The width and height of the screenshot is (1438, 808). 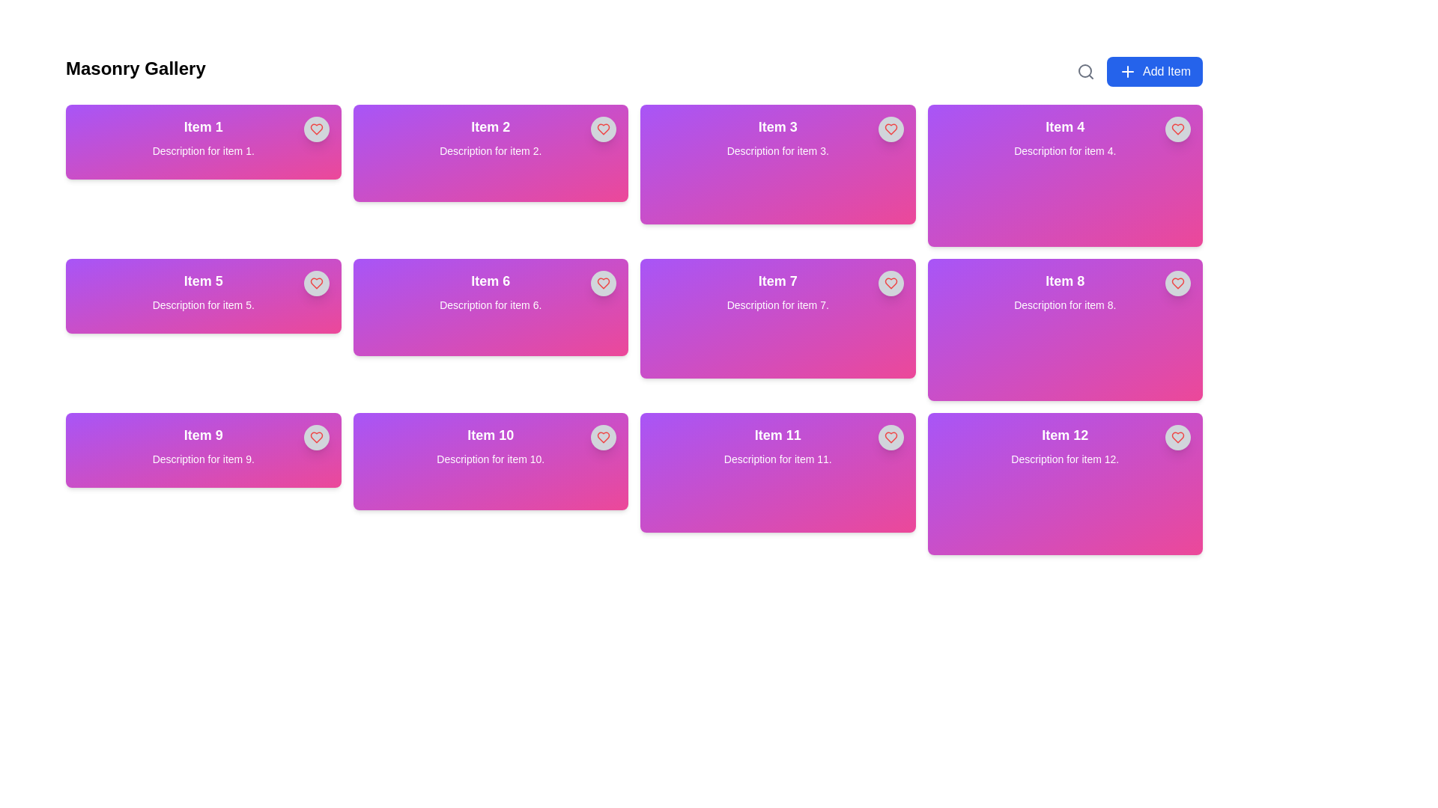 I want to click on the Text label indicating the purpose or category of the masonry gallery, which is located at the leftmost side of the horizontal group at the top of the interface, so click(x=136, y=72).